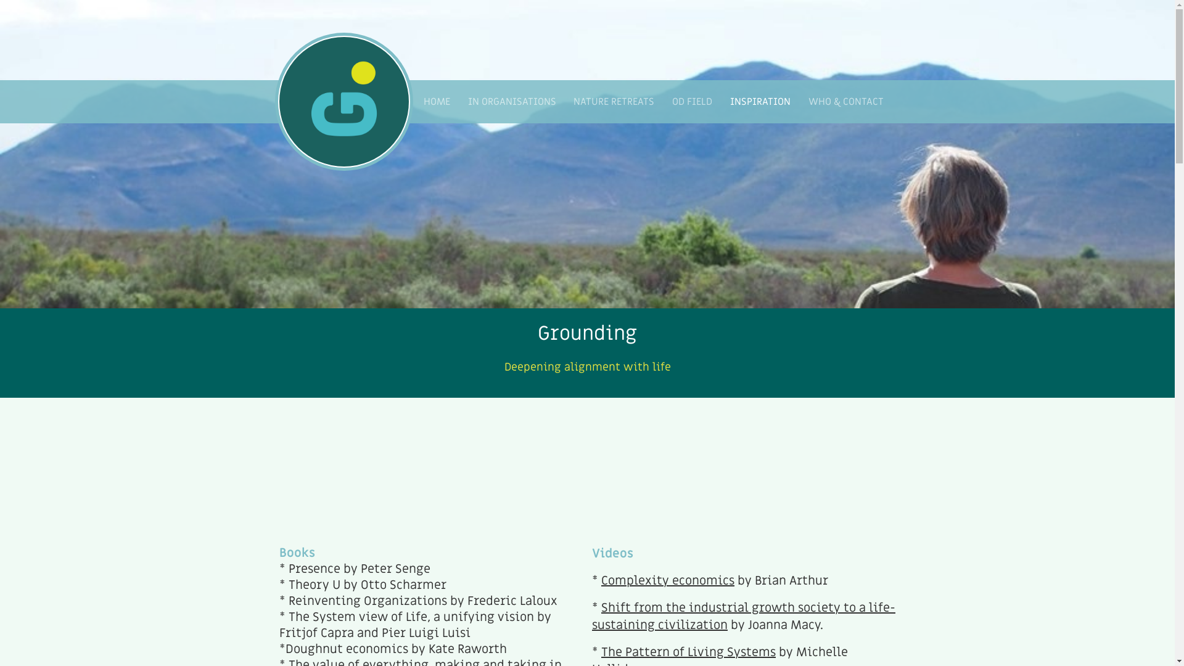 The height and width of the screenshot is (666, 1184). What do you see at coordinates (693, 101) in the screenshot?
I see `'OD FIELD'` at bounding box center [693, 101].